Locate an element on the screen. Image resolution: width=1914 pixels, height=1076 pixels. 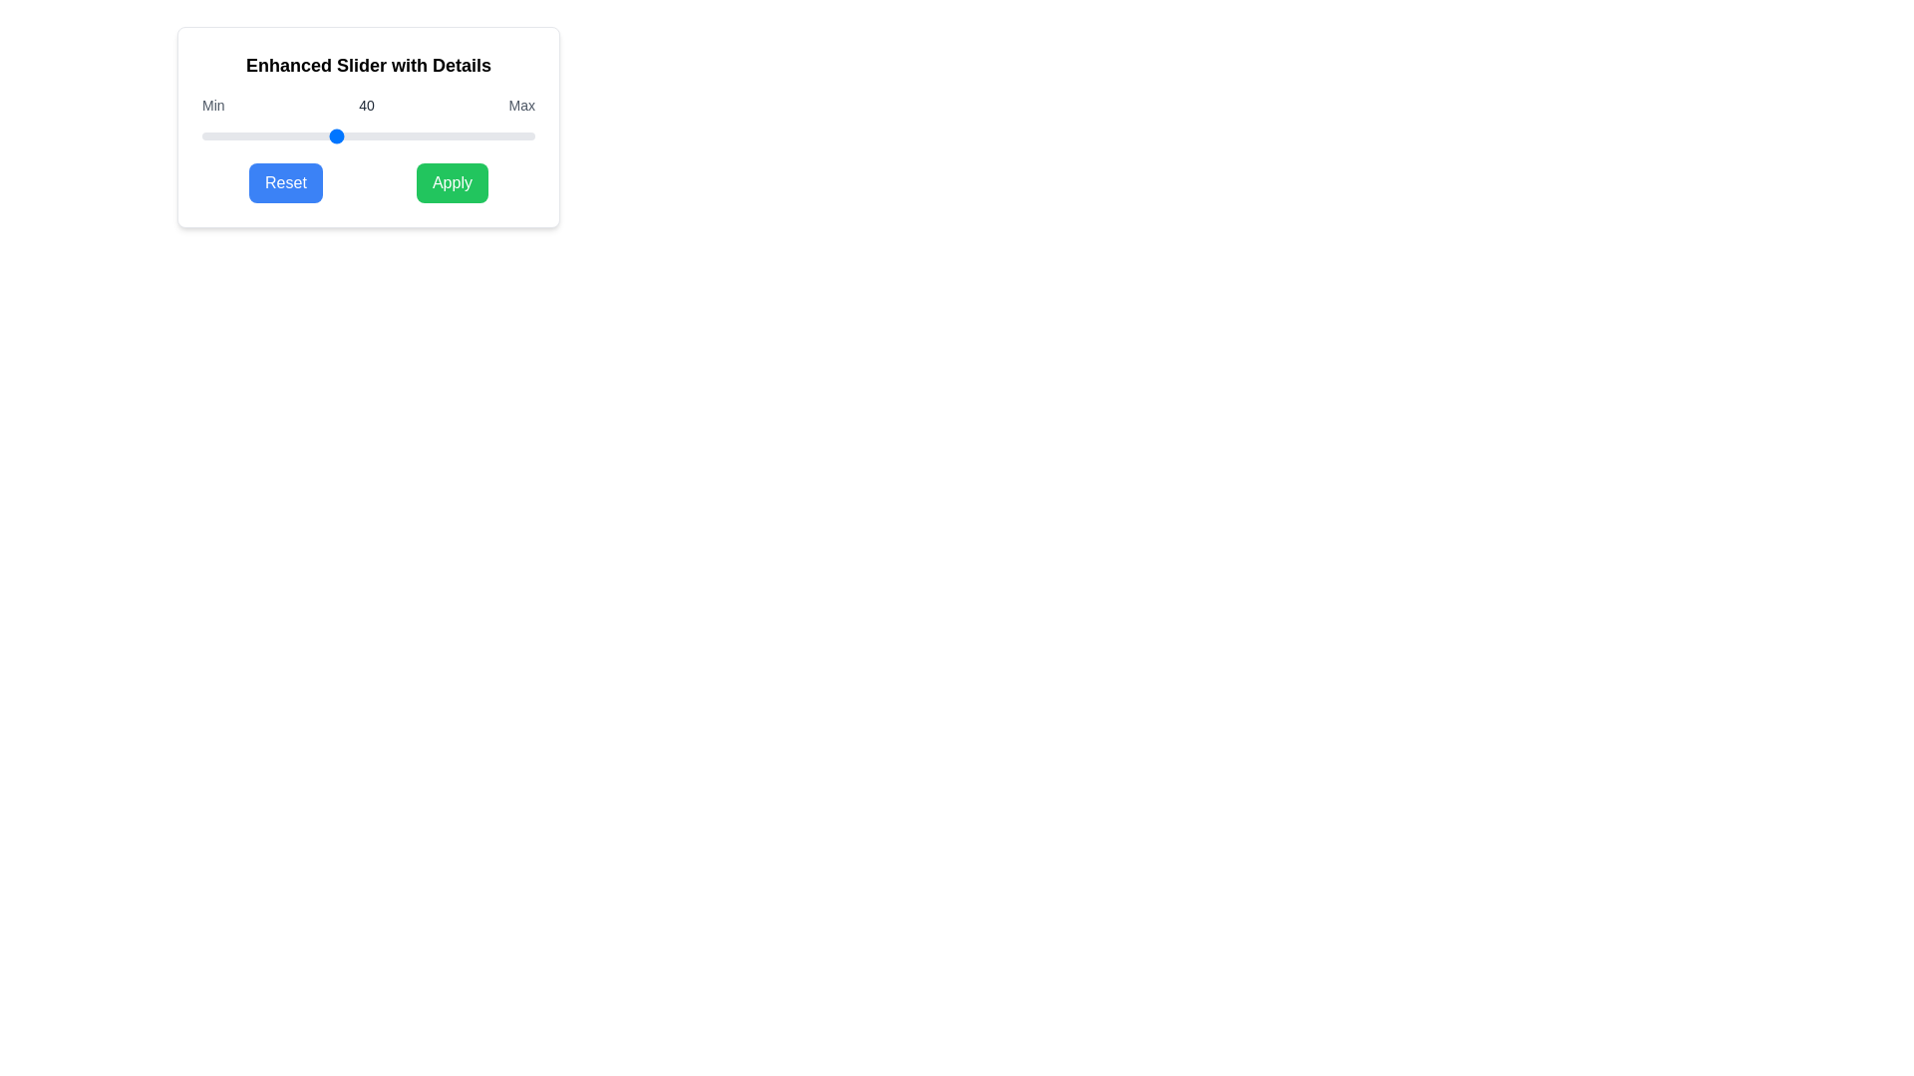
the static text label displaying '40', which is positioned between 'Min' and 'Max', and is located slightly above the slider in the upper center region of the interface card is located at coordinates (367, 105).